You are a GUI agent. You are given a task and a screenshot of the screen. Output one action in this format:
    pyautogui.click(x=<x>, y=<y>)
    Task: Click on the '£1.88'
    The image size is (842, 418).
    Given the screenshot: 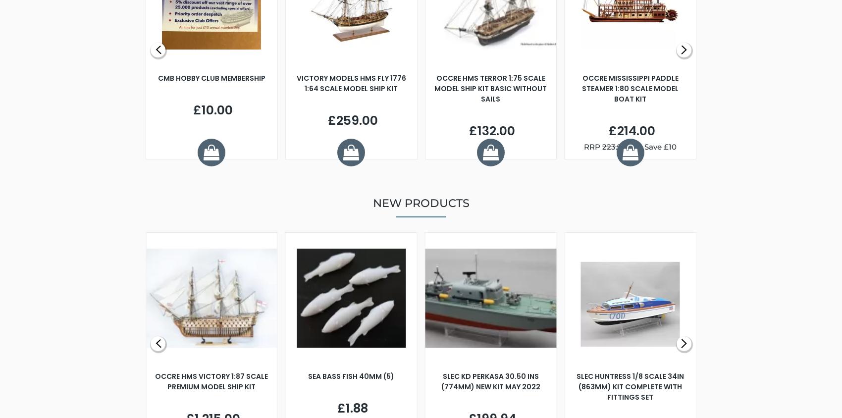 What is the action you would take?
    pyautogui.click(x=351, y=408)
    